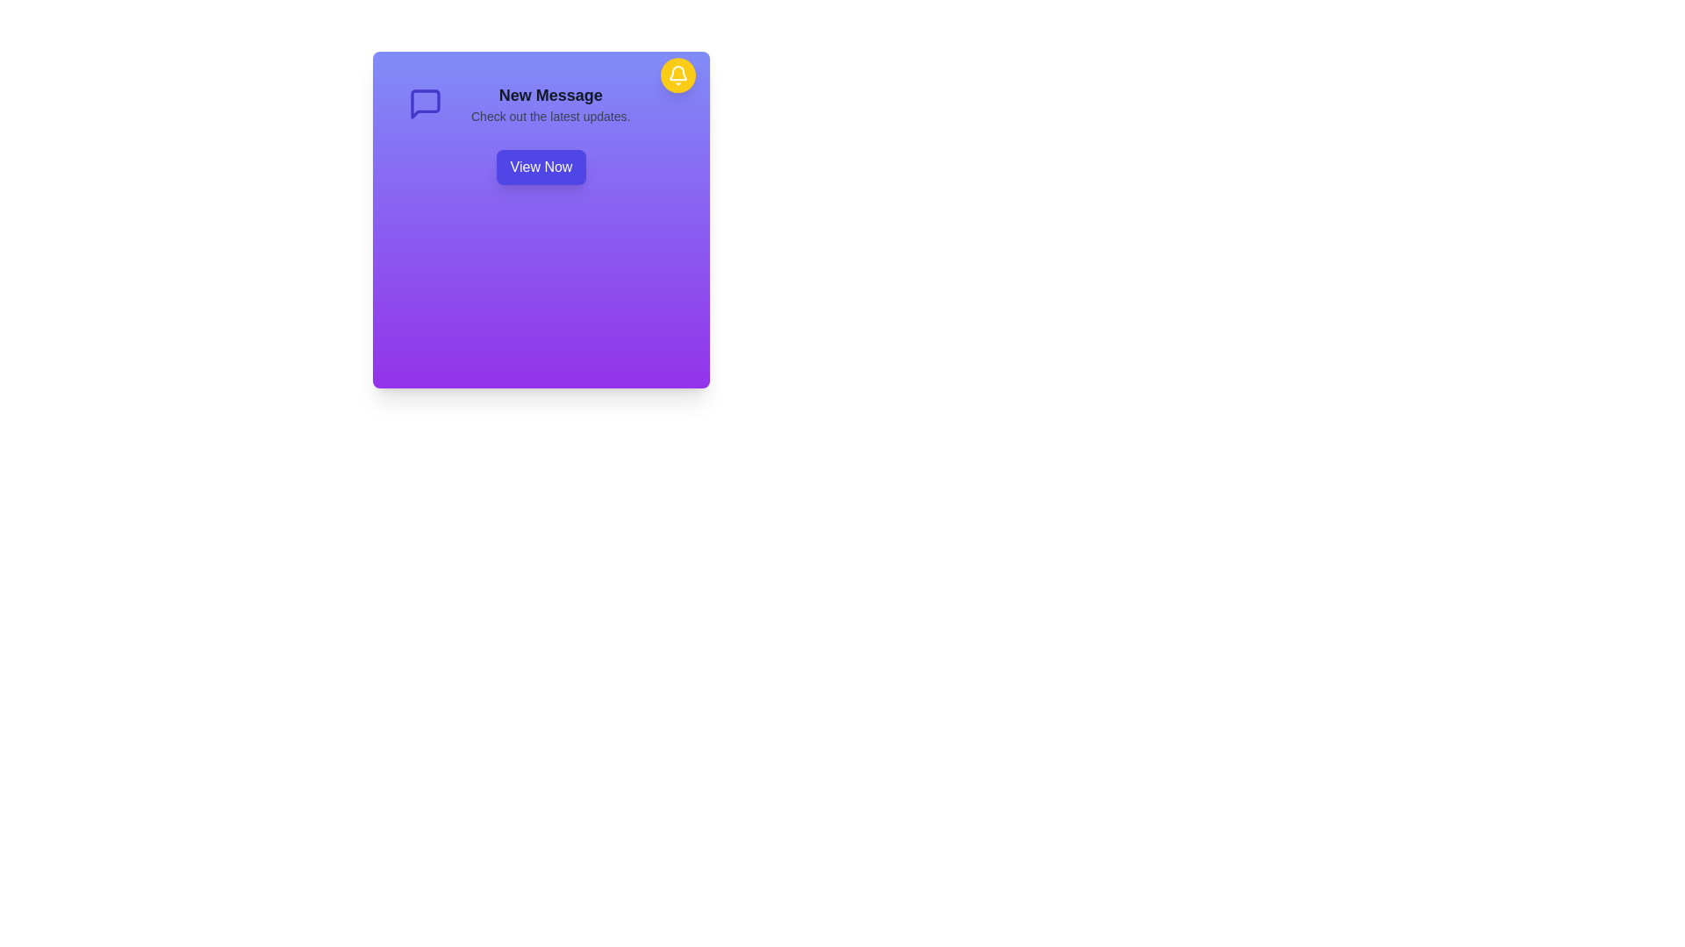  Describe the element at coordinates (677, 77) in the screenshot. I see `the bell icon within the notification card, which is styled with a yellow circle background and located in the upper-right corner of the card` at that location.